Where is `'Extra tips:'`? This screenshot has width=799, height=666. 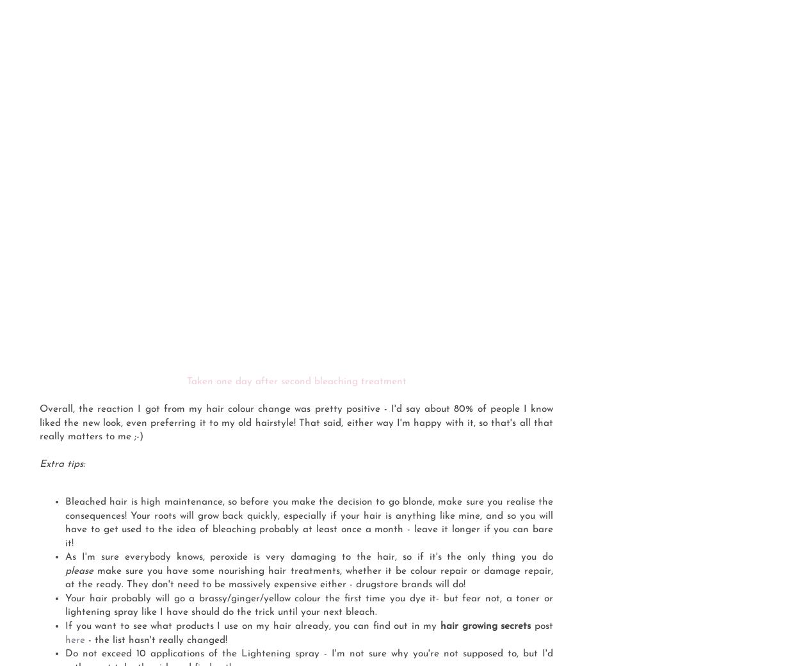 'Extra tips:' is located at coordinates (61, 464).